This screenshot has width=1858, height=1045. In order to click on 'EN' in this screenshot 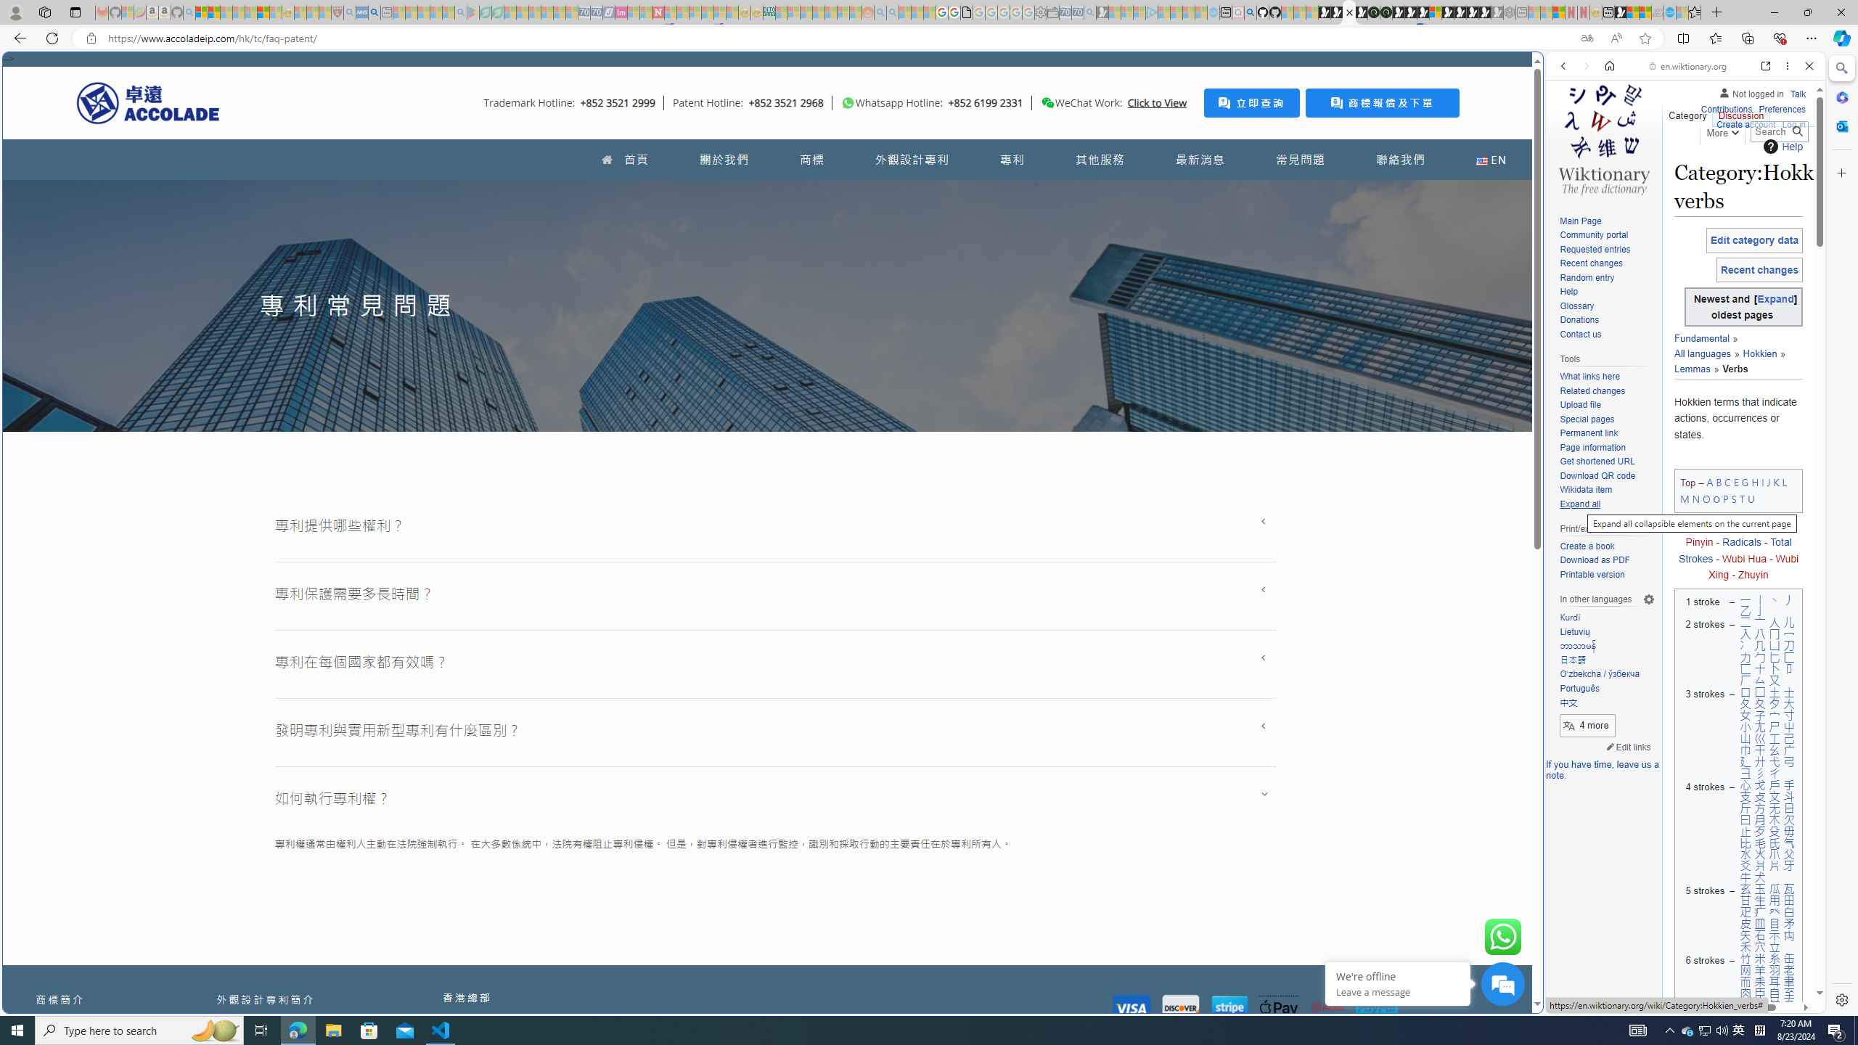, I will do `click(1491, 159)`.